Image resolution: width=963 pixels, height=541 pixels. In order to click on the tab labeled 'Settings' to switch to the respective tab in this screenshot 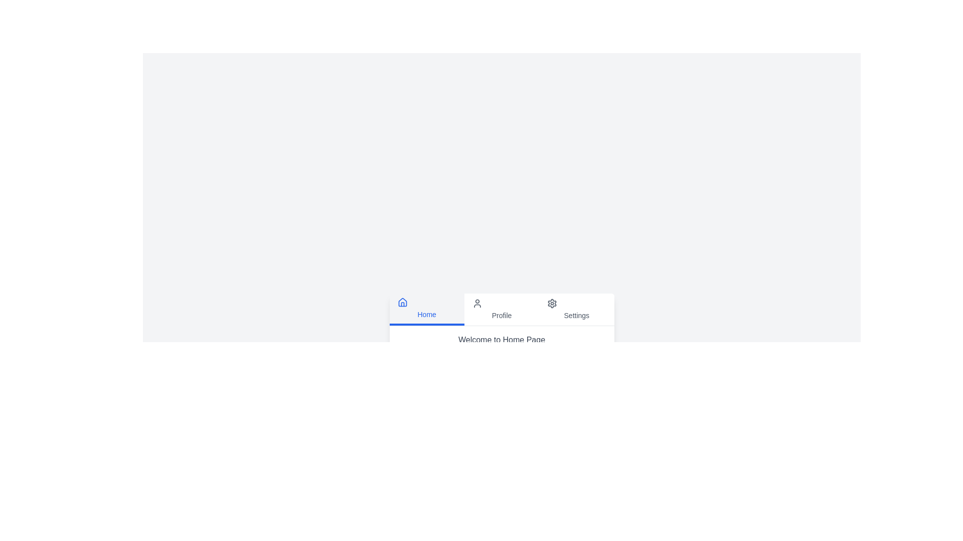, I will do `click(576, 309)`.